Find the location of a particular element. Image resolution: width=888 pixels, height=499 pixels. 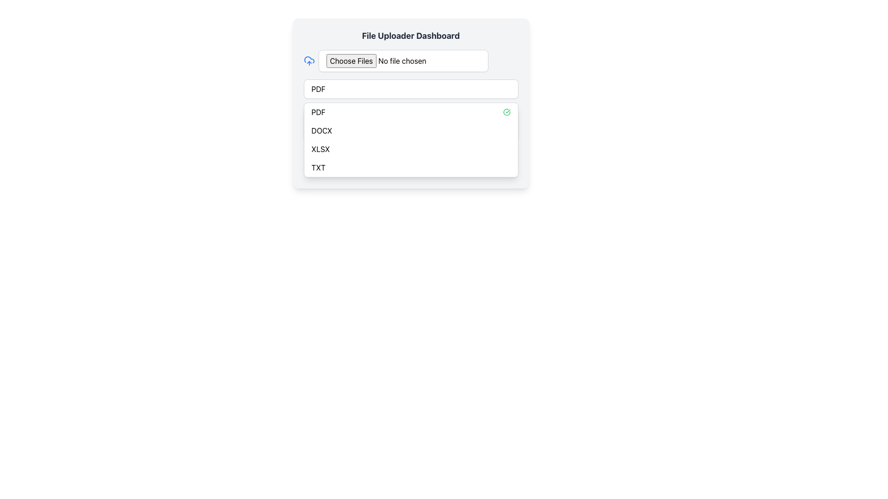

the 'PDF' text label in bold font style located at the top-left of the dropdown menu is located at coordinates (318, 112).